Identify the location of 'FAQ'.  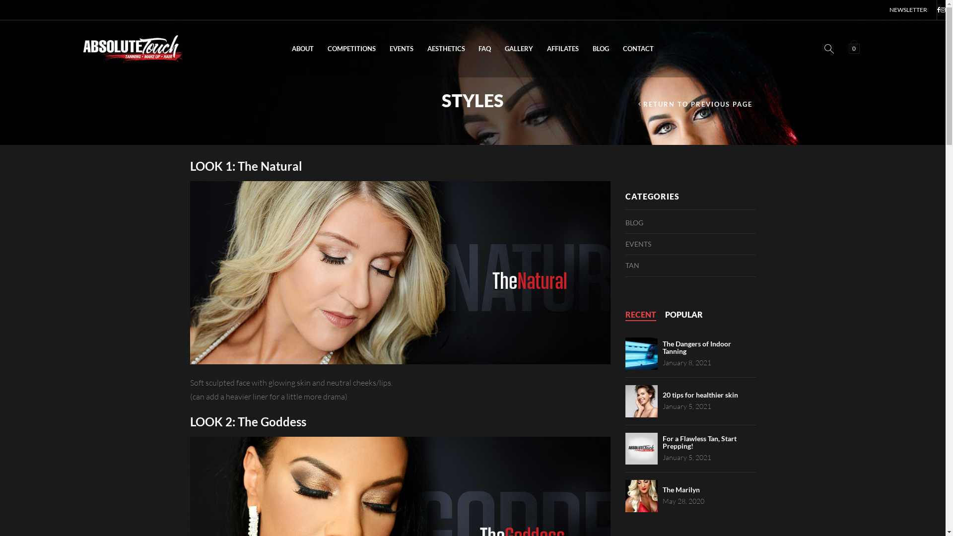
(471, 49).